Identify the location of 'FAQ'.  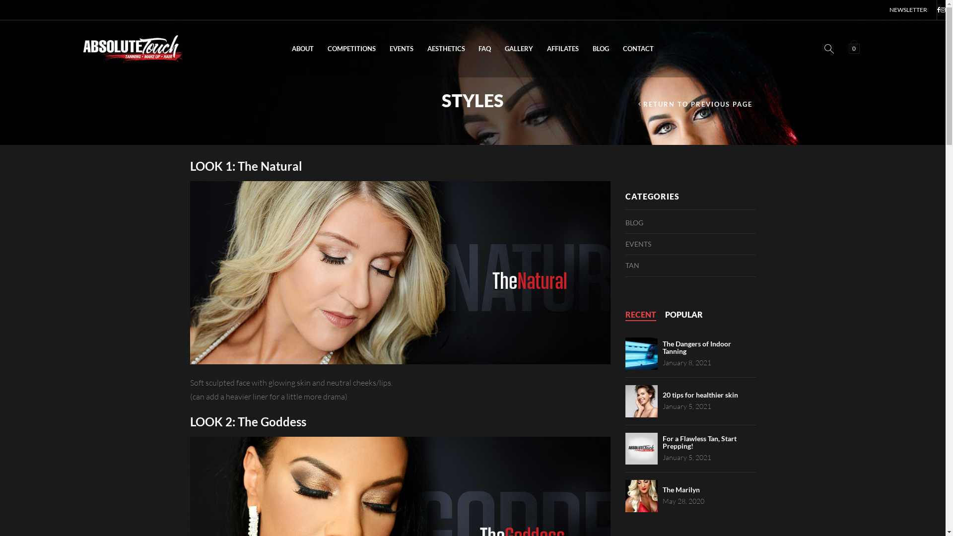
(471, 49).